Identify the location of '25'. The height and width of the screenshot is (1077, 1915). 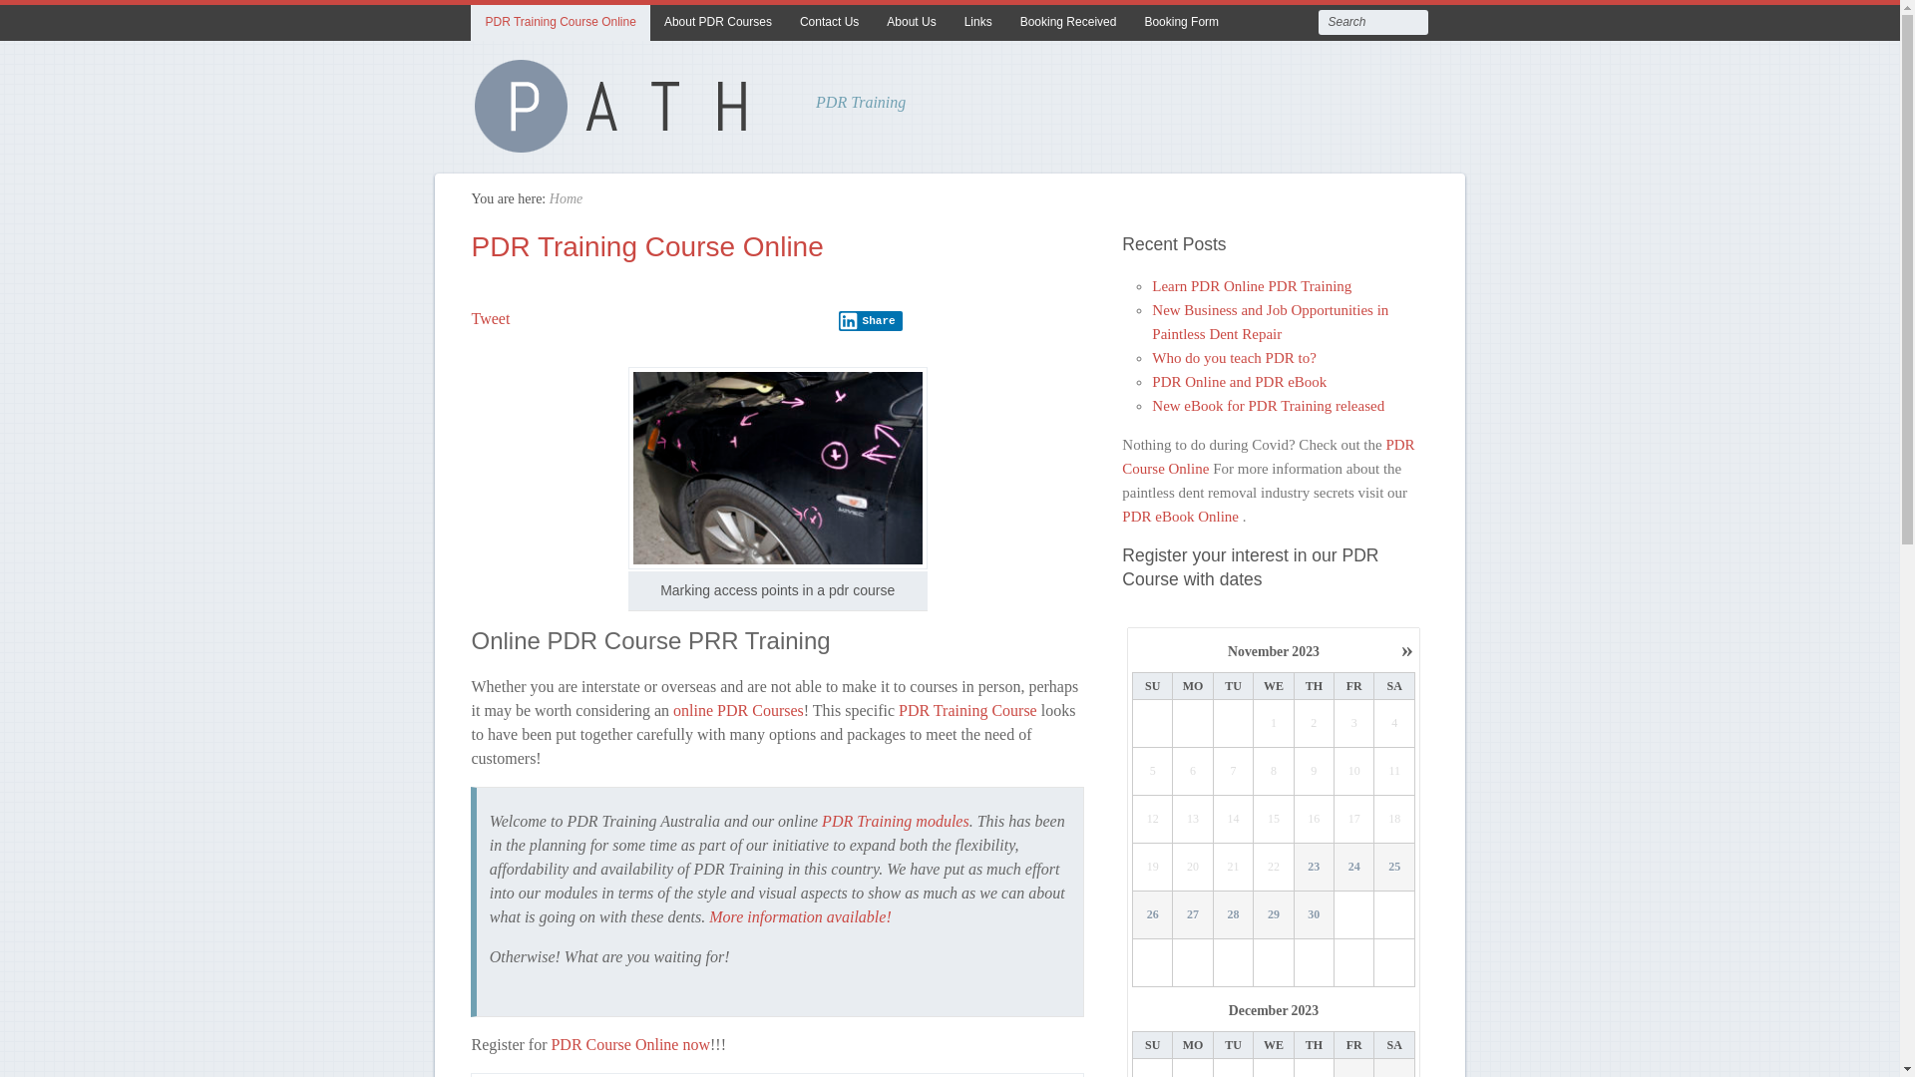
(1372, 867).